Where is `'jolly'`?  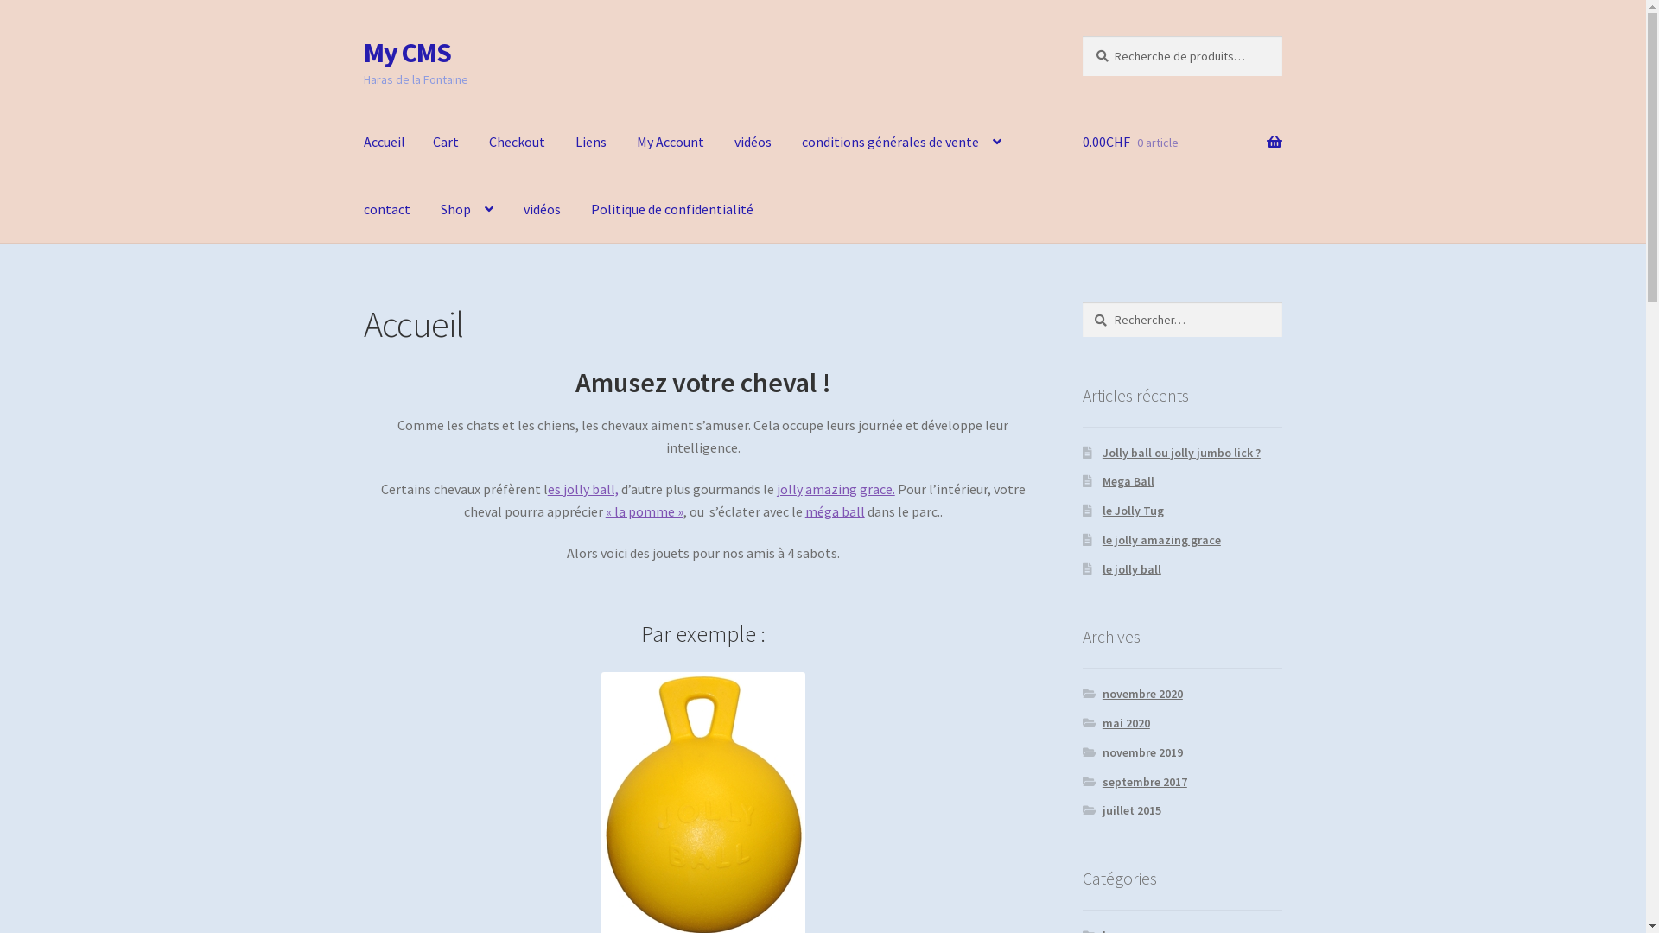
'jolly' is located at coordinates (788, 489).